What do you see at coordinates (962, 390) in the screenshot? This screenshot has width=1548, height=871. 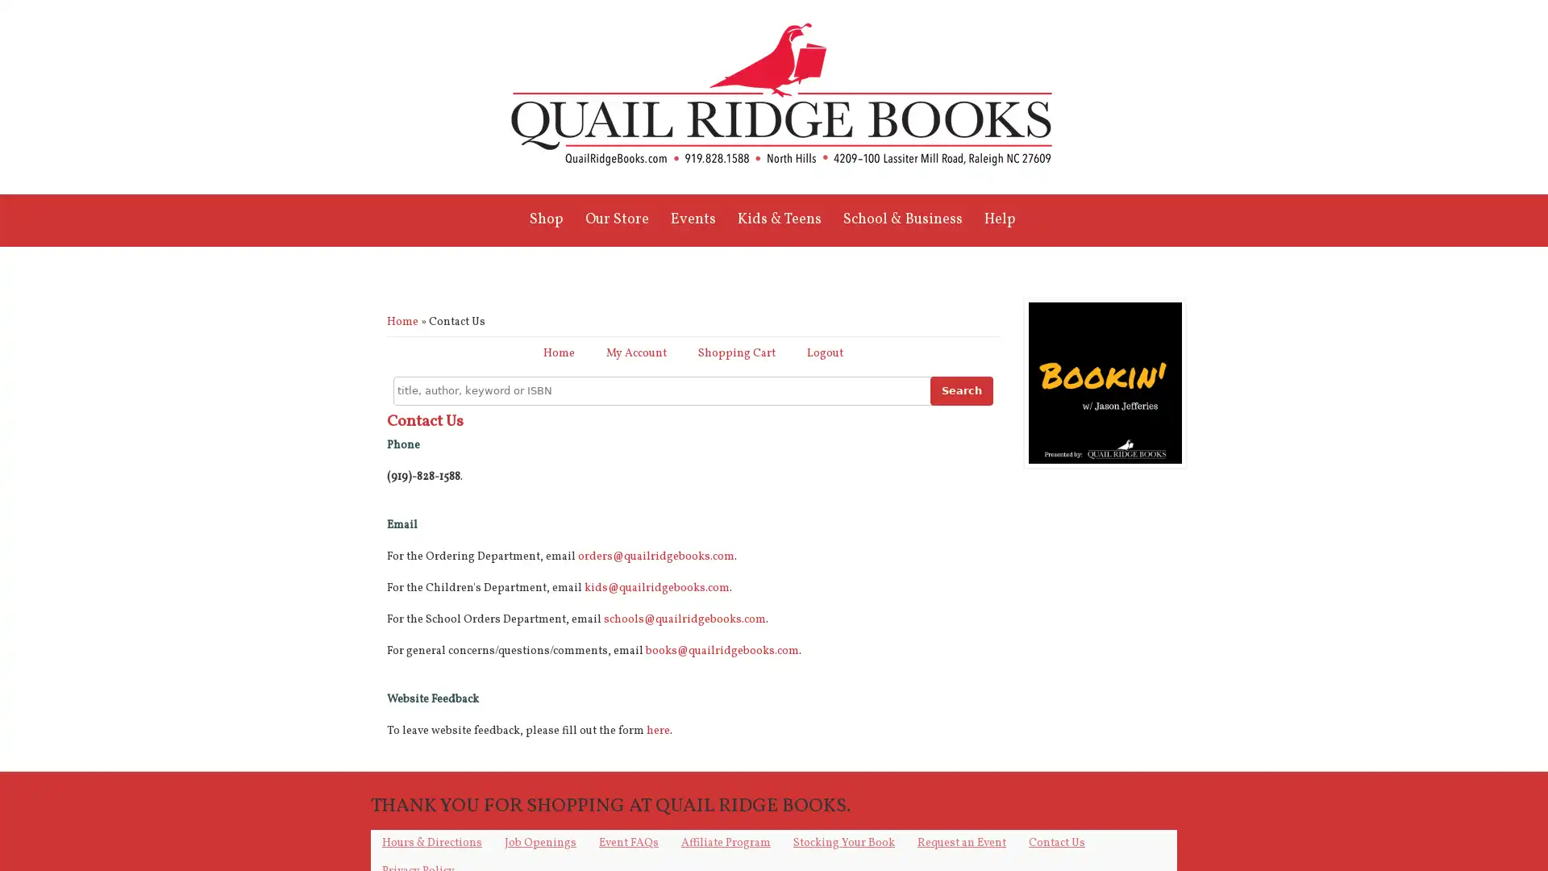 I see `Search` at bounding box center [962, 390].